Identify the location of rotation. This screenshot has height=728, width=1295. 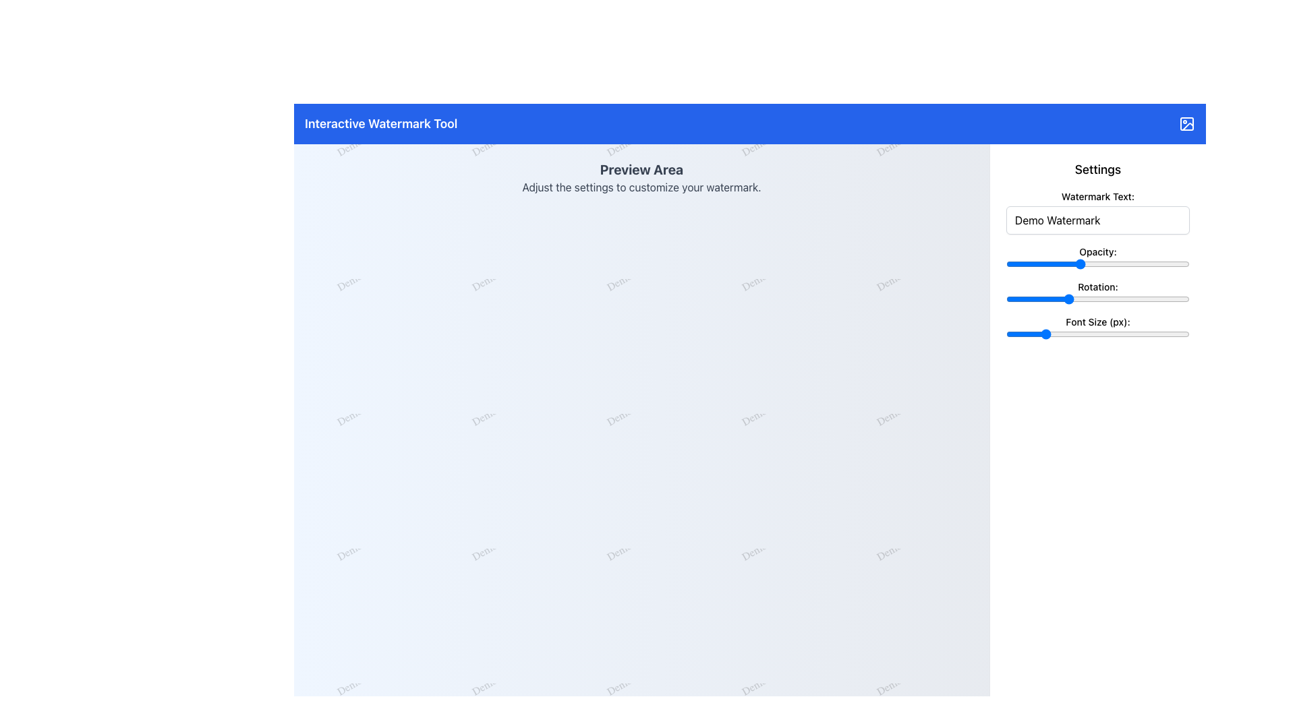
(1136, 298).